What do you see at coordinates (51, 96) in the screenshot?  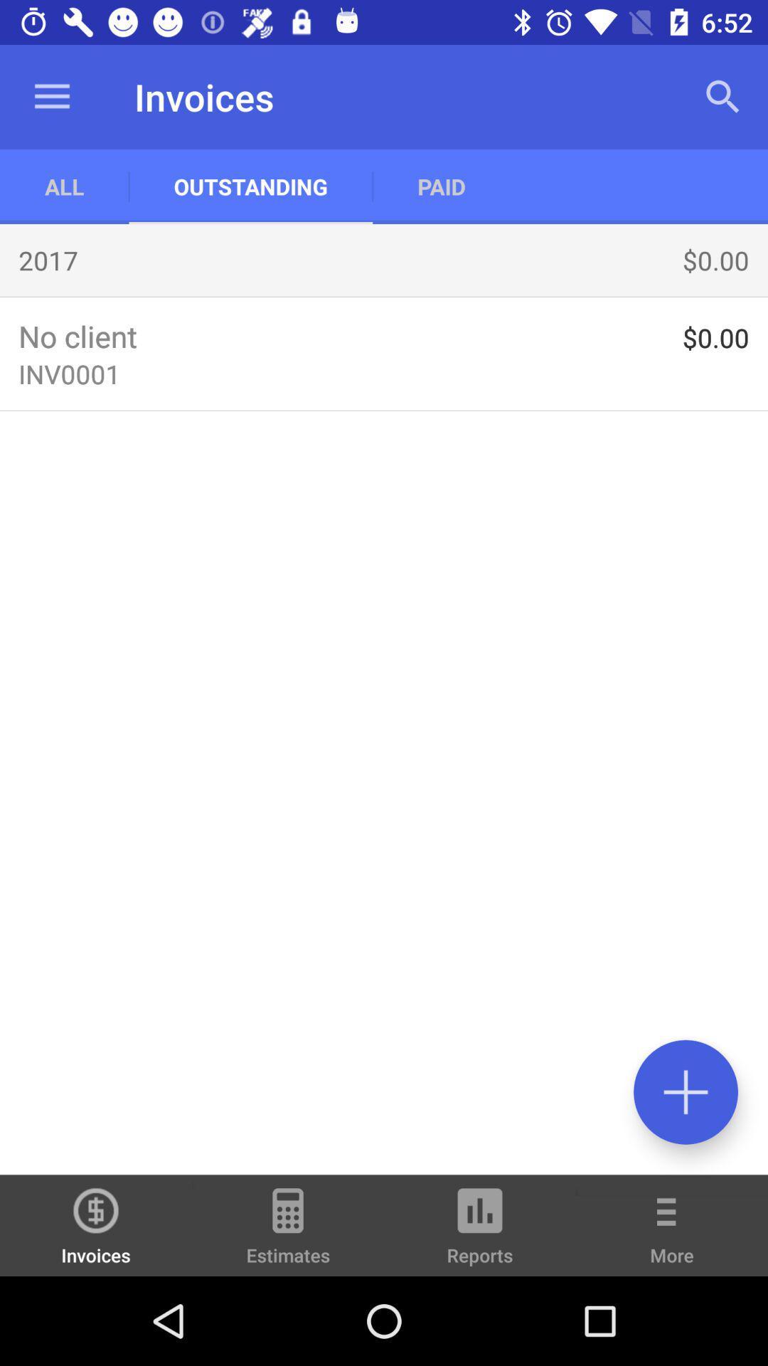 I see `app to the left of outstanding app` at bounding box center [51, 96].